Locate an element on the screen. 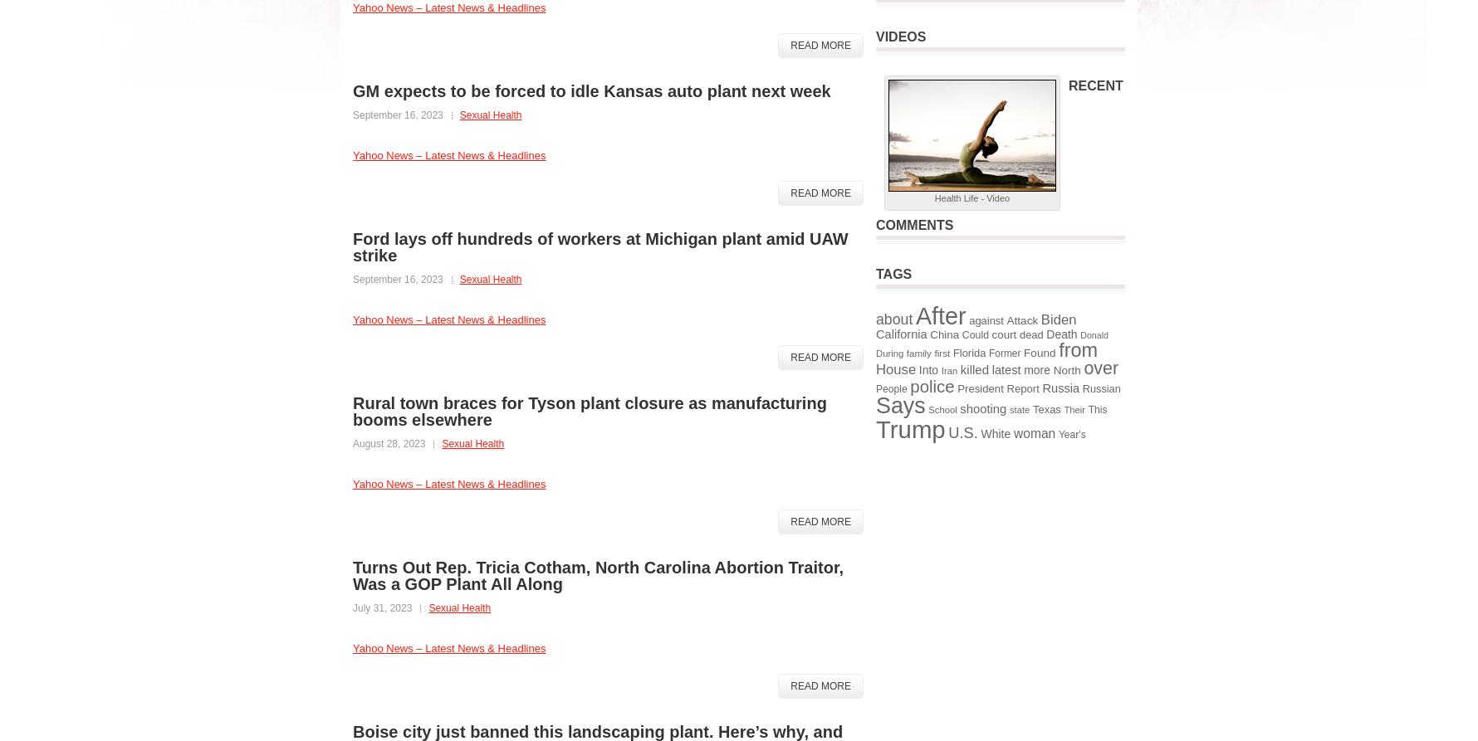  'over' is located at coordinates (1099, 368).